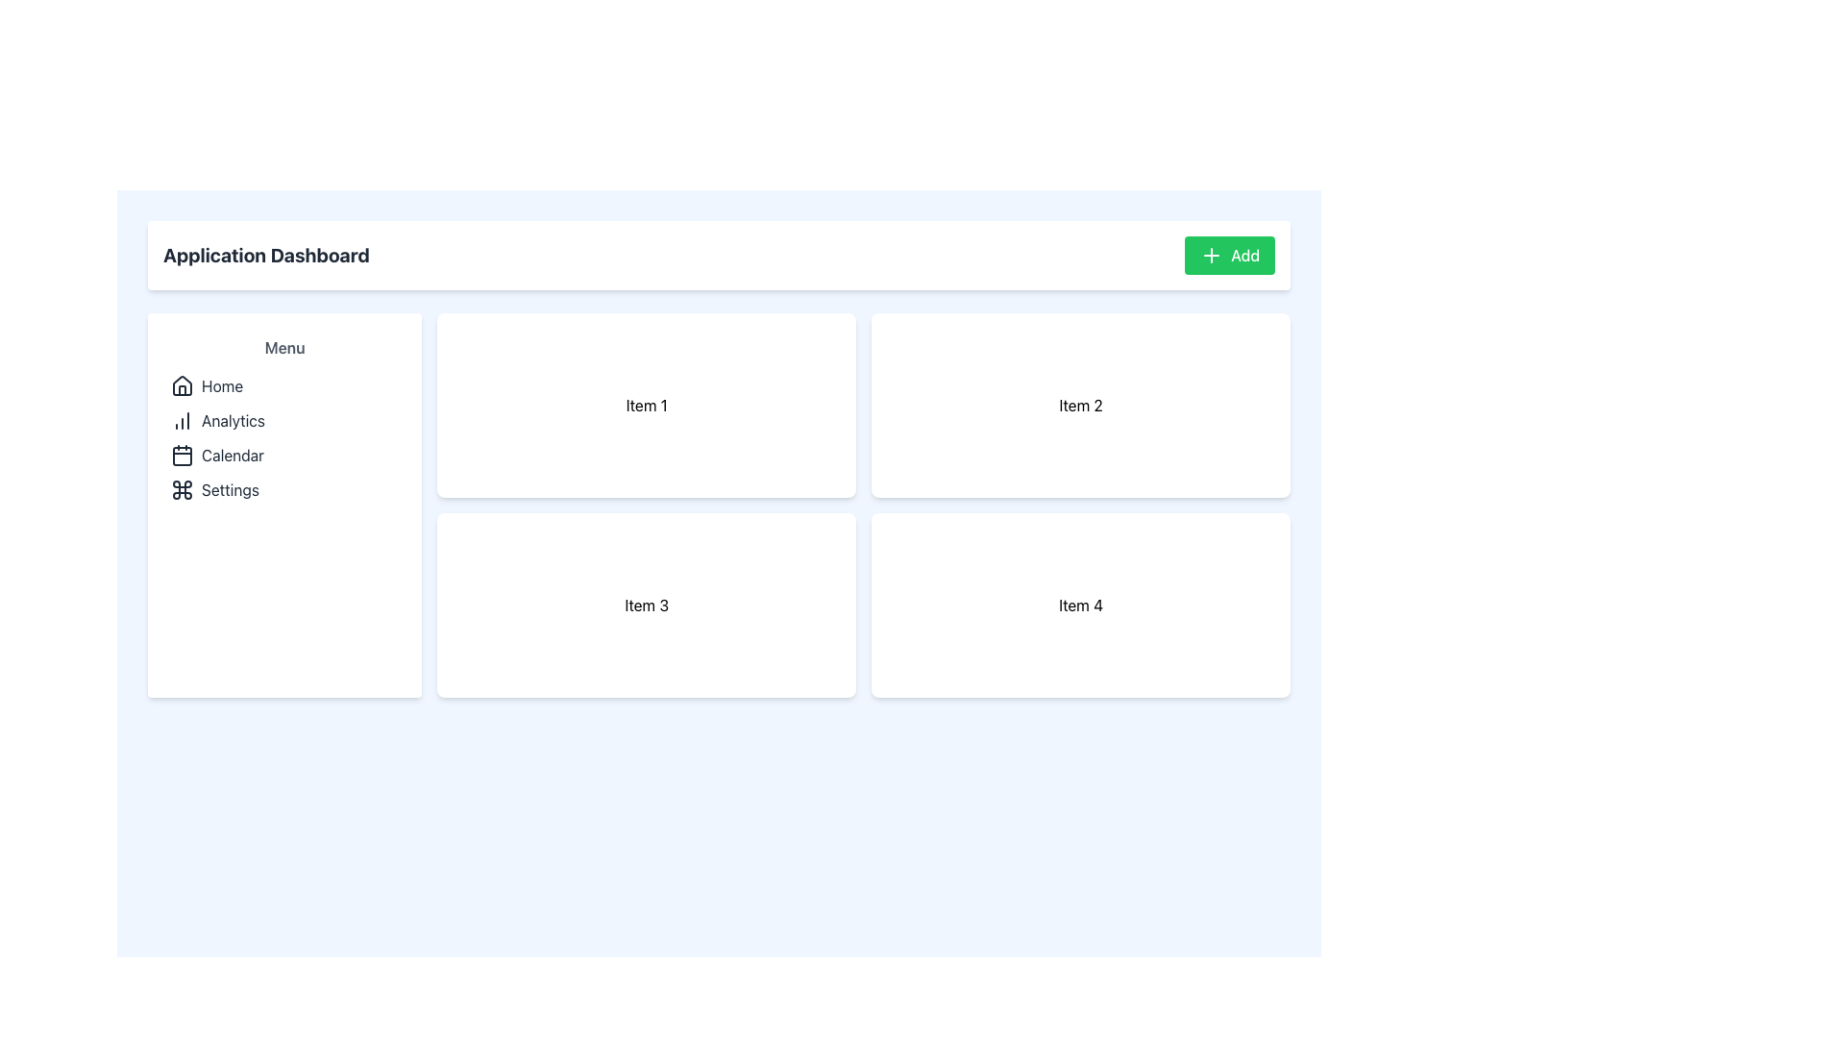 The image size is (1845, 1038). Describe the element at coordinates (1230, 255) in the screenshot. I see `the 'Add' button with a green background and white text` at that location.